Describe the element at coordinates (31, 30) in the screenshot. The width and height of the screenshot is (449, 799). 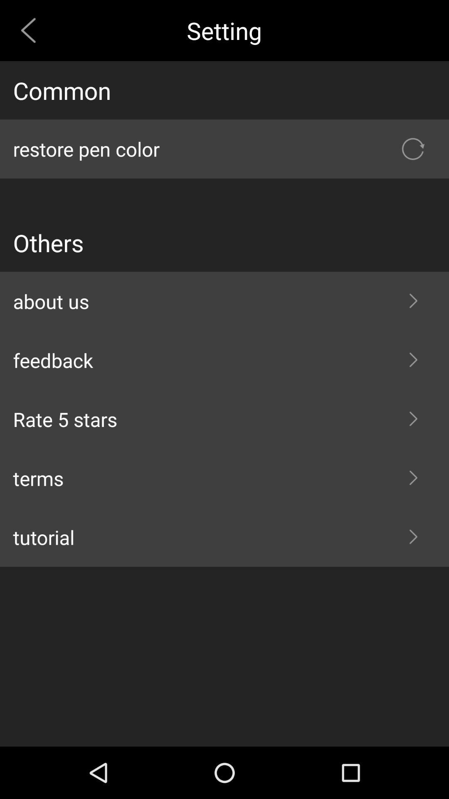
I see `go back` at that location.